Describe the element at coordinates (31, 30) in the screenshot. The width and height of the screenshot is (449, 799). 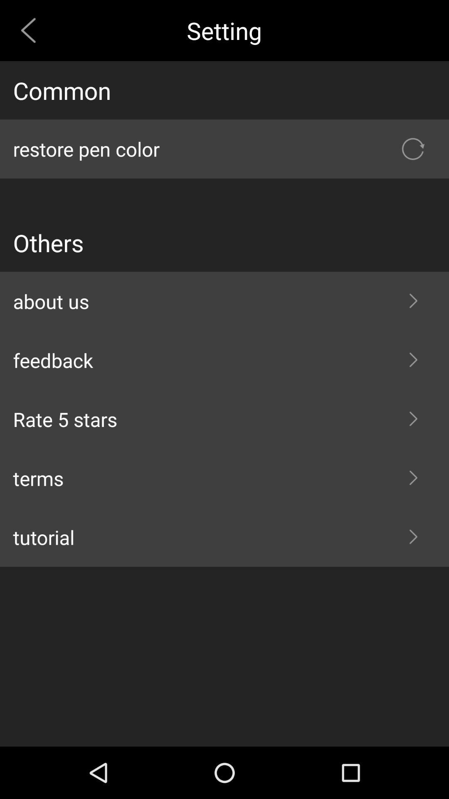
I see `go back` at that location.